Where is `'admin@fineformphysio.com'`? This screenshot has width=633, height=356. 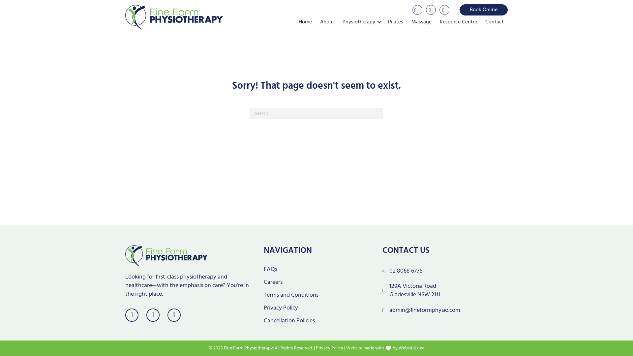 'admin@fineformphysio.com' is located at coordinates (425, 310).